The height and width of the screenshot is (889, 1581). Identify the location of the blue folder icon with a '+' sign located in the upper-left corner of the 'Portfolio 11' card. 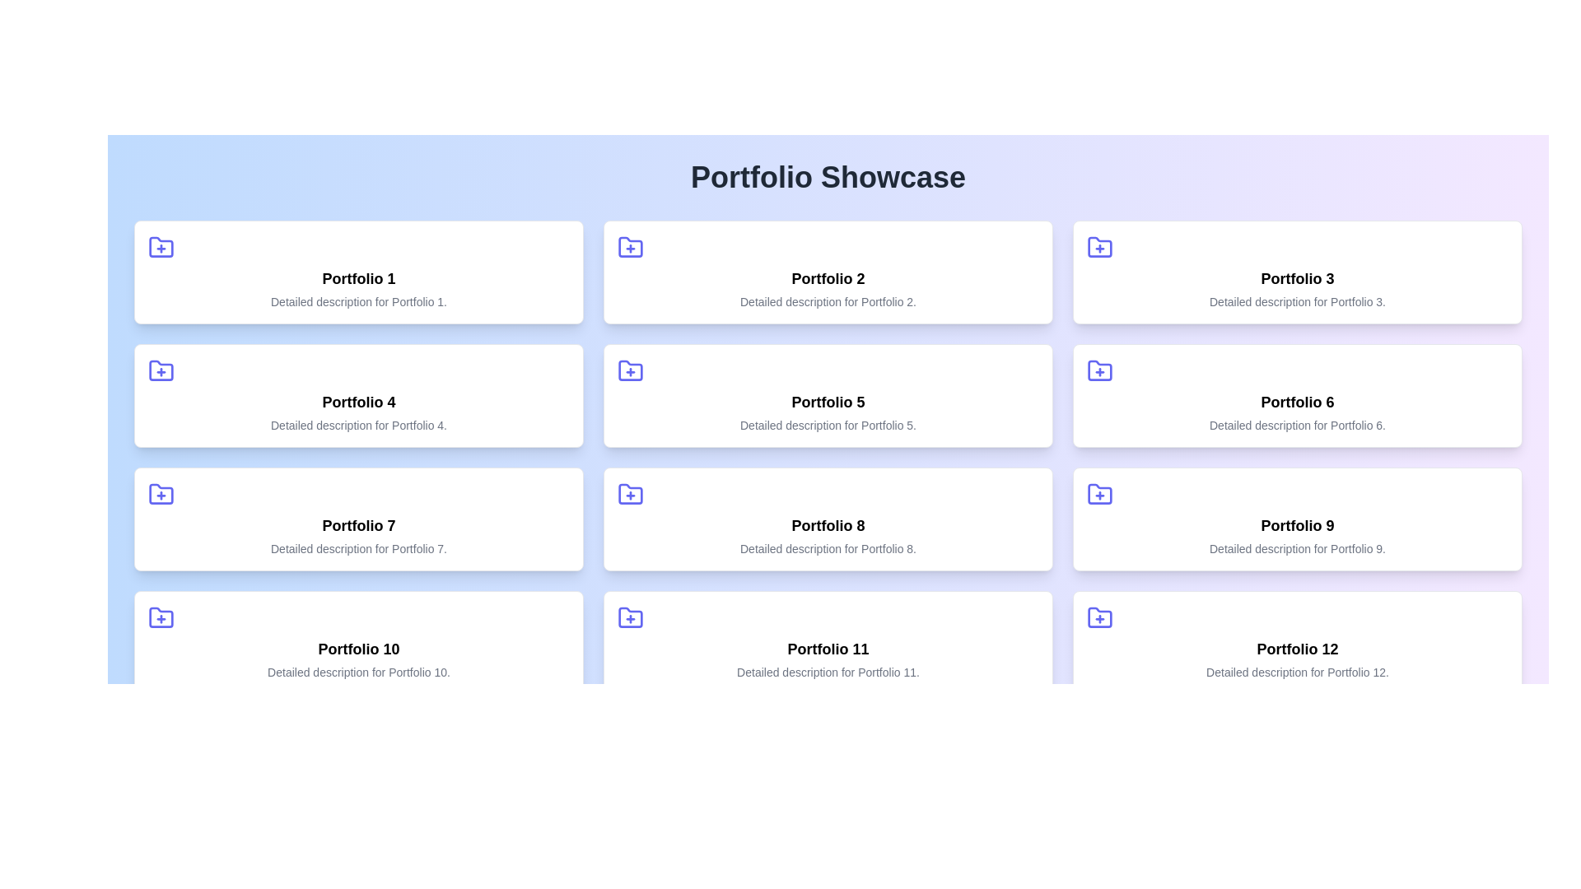
(630, 617).